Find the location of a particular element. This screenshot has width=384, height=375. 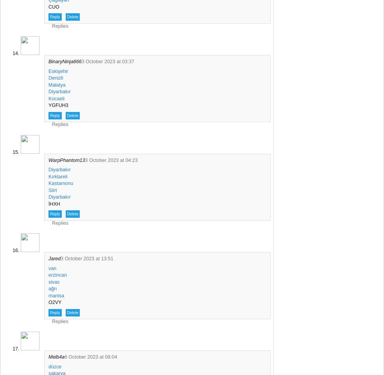

'6 October 2023 at 08:04' is located at coordinates (90, 357).